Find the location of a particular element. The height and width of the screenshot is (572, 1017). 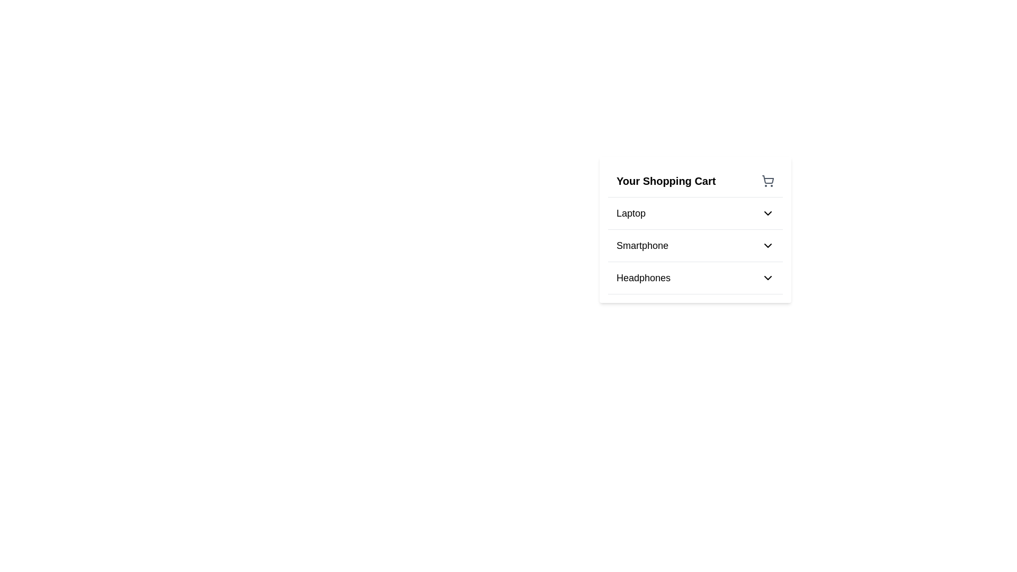

the shopping cart icon, which is located to the right of the 'Your Shopping Cart' title is located at coordinates (768, 181).